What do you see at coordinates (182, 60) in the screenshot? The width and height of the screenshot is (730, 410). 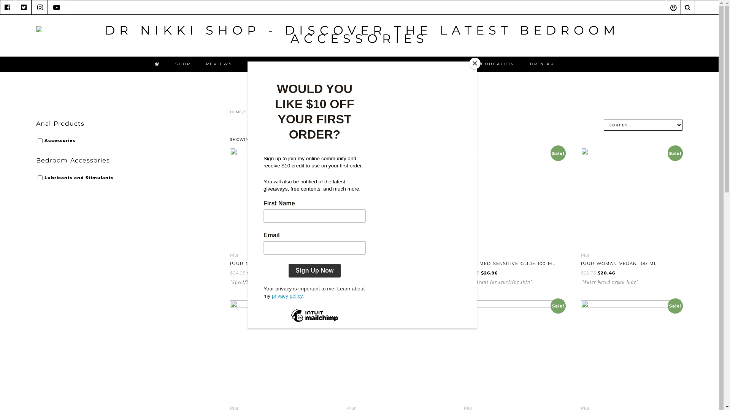 I see `'SHOP'` at bounding box center [182, 60].